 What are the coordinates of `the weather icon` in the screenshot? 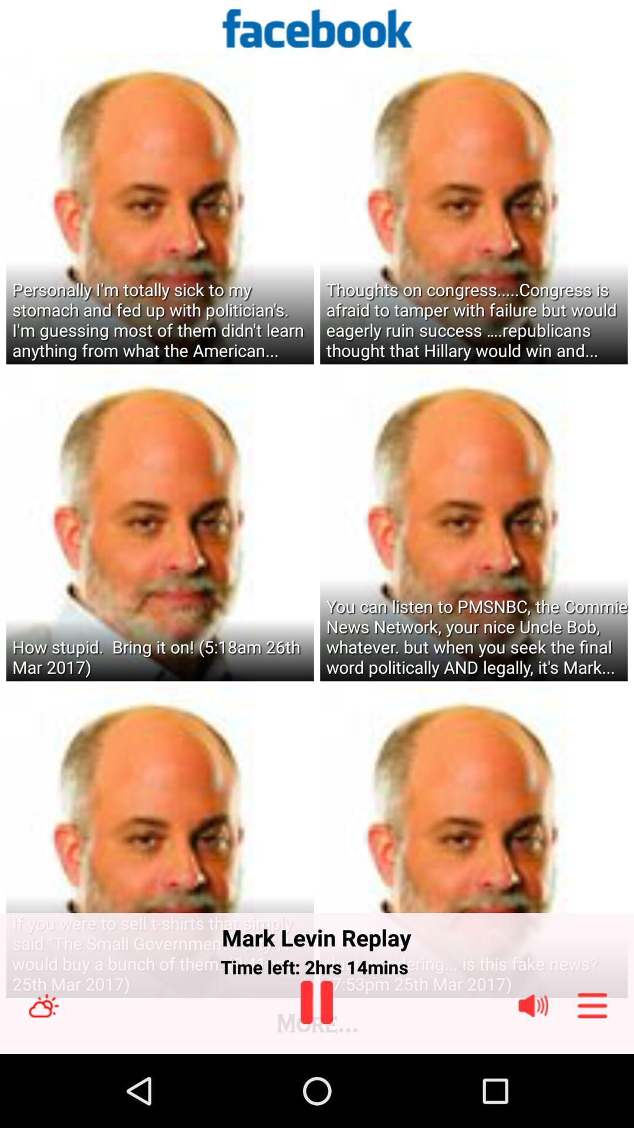 It's located at (43, 1076).